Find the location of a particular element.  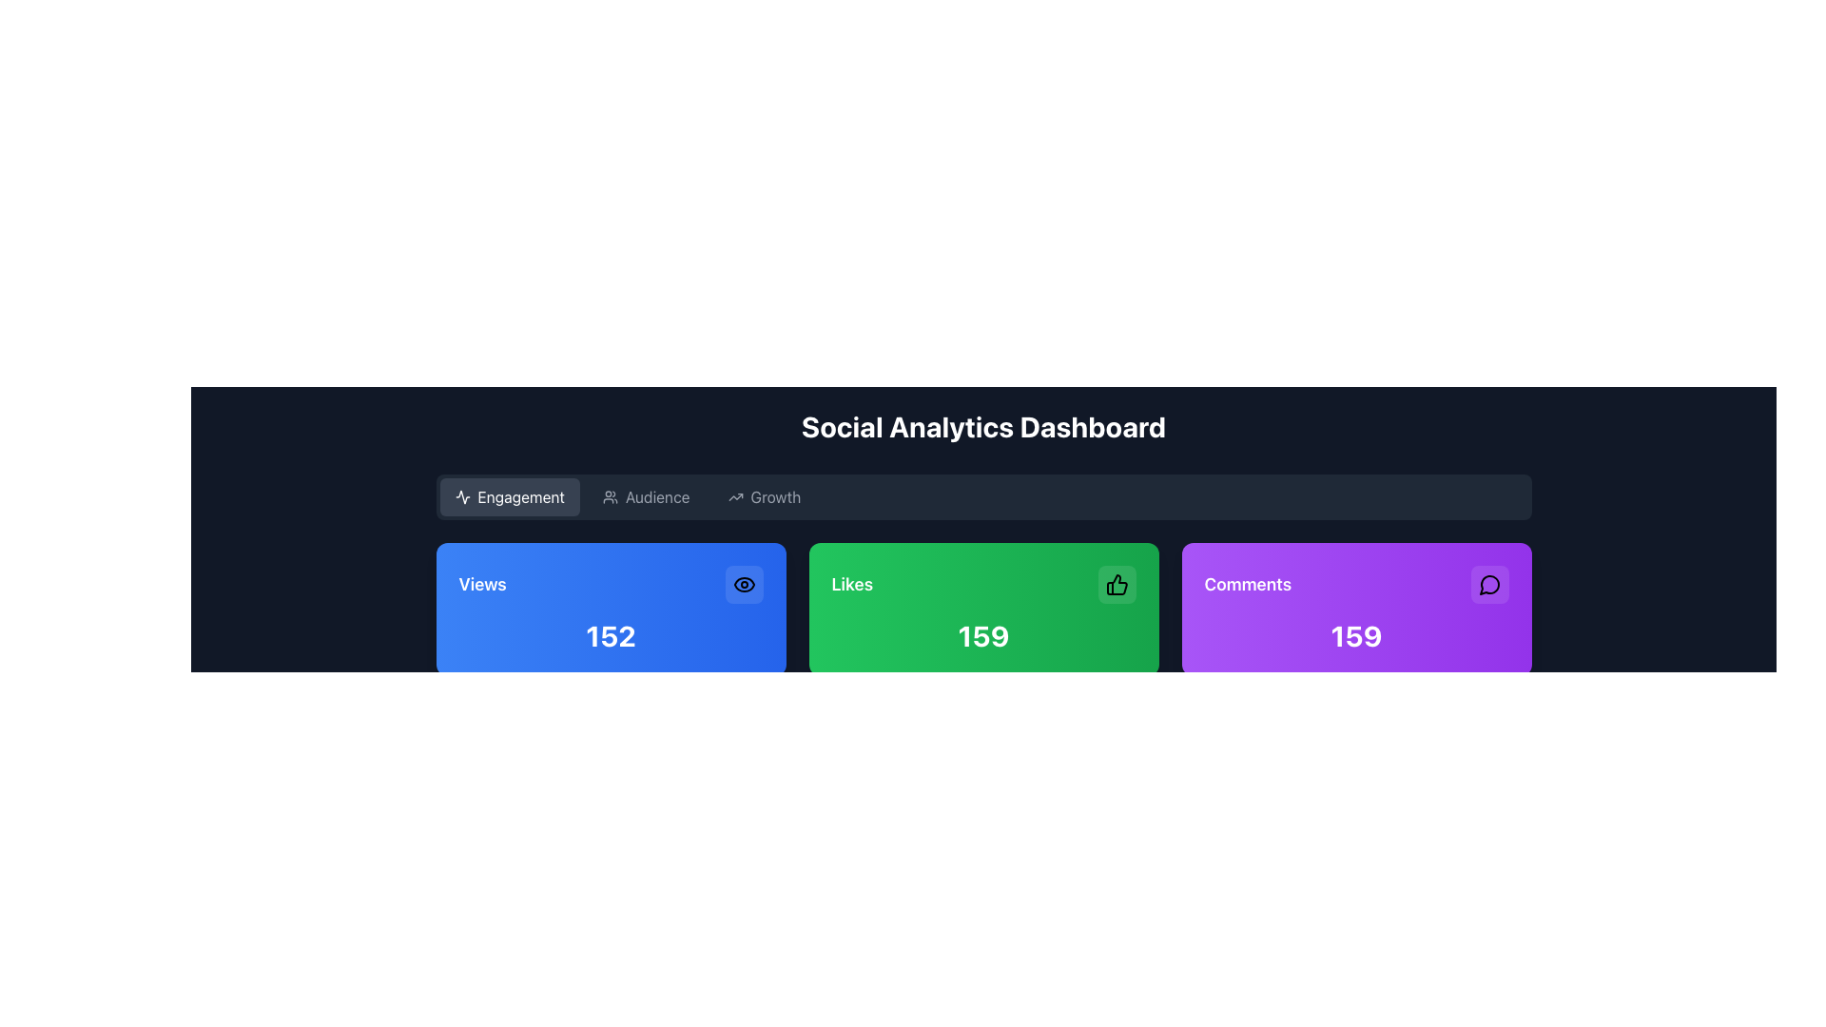

the text label 'Engagement' which is styled with white text over a gray background is located at coordinates (520, 496).